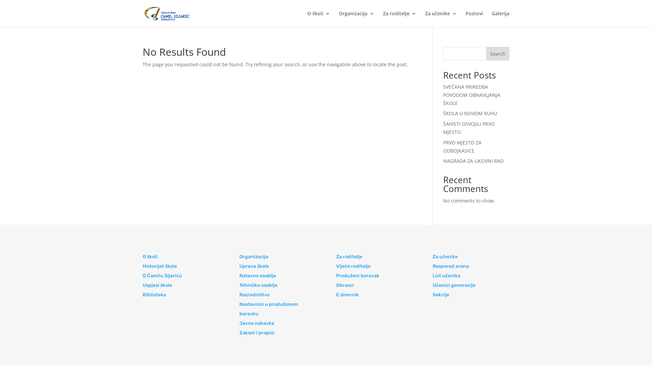  I want to click on 'Zakoni i propisi', so click(256, 332).